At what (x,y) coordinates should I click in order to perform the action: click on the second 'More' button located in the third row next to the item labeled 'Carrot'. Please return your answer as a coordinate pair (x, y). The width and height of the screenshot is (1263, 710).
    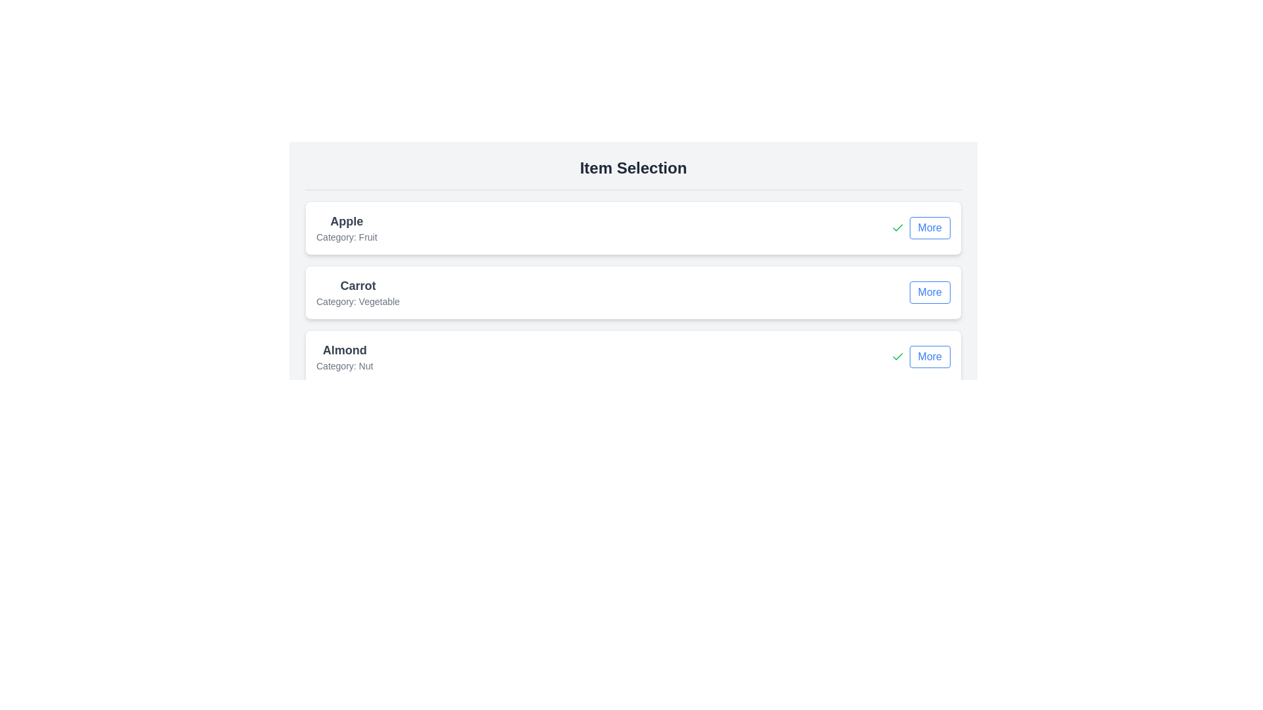
    Looking at the image, I should click on (929, 291).